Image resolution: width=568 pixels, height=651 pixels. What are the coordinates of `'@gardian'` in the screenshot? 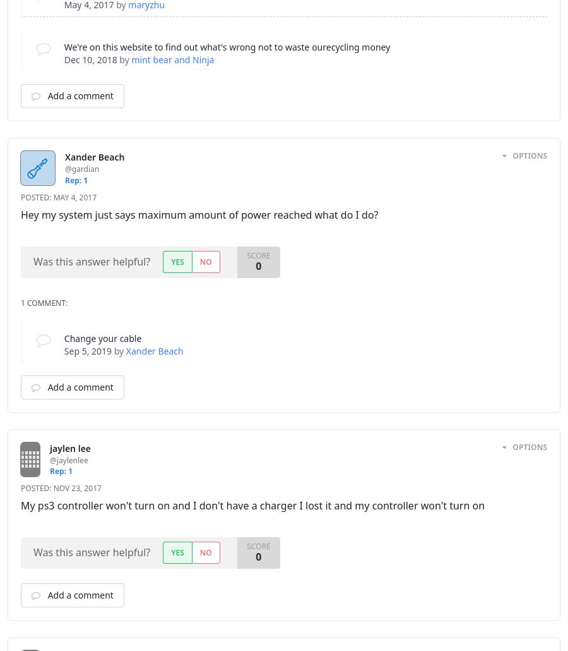 It's located at (81, 168).